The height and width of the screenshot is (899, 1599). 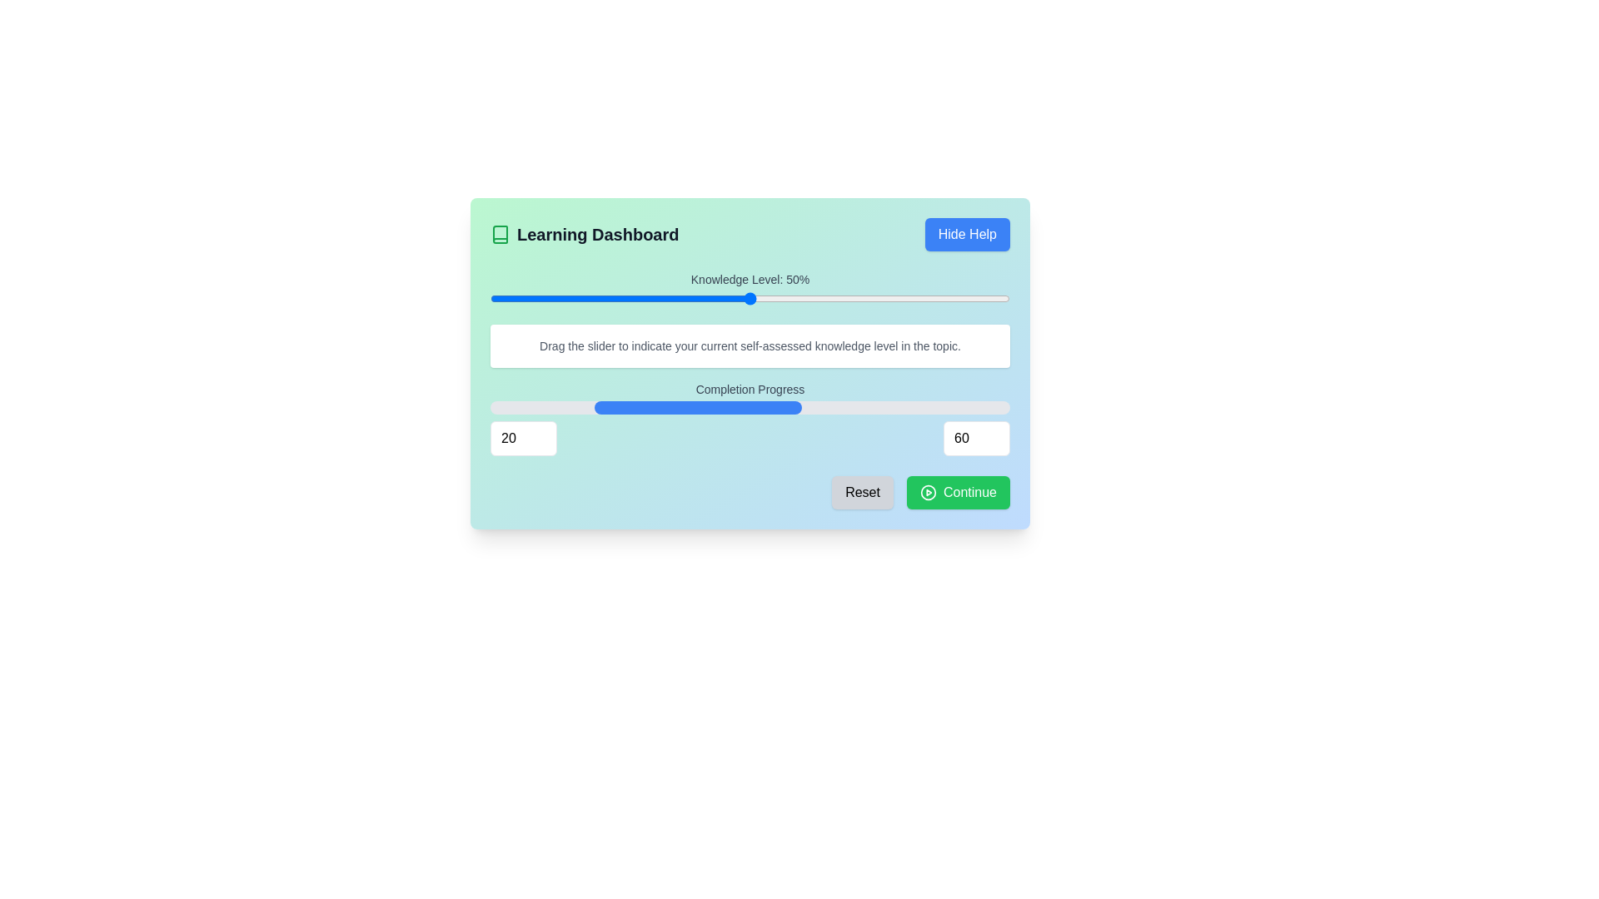 What do you see at coordinates (750, 417) in the screenshot?
I see `the progress level in the progress bar of the 'Completion Progress' section, which consists of a title, a progress bar, and two input fields for numerical values` at bounding box center [750, 417].